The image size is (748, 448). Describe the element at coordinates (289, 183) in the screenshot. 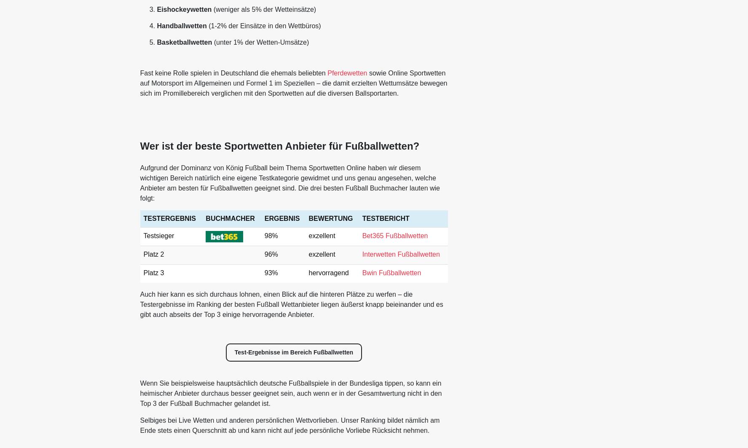

I see `'Aufgrund der Dominanz von König Fußball beim Thema Sportwetten Online haben wir diesem wichtigen Bereich natürlich eine eigene Testkategorie gewidmet und uns genau angesehen, welche Anbieter am besten für Fußballwetten geeignet sind. Die drei besten Fußball Buchmacher lauten wie folgt:'` at that location.